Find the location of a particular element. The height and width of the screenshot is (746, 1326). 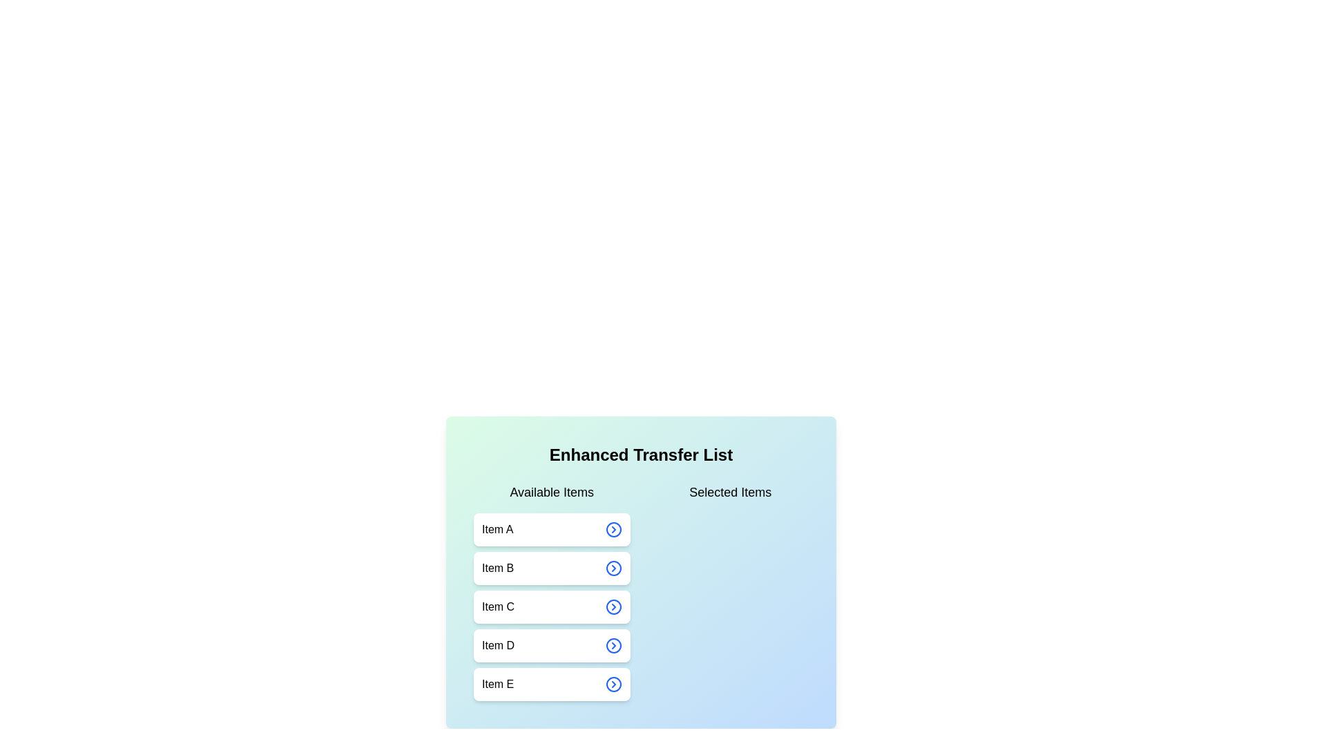

arrow button next to Item C in the available list to transfer it to the selected list is located at coordinates (613, 606).